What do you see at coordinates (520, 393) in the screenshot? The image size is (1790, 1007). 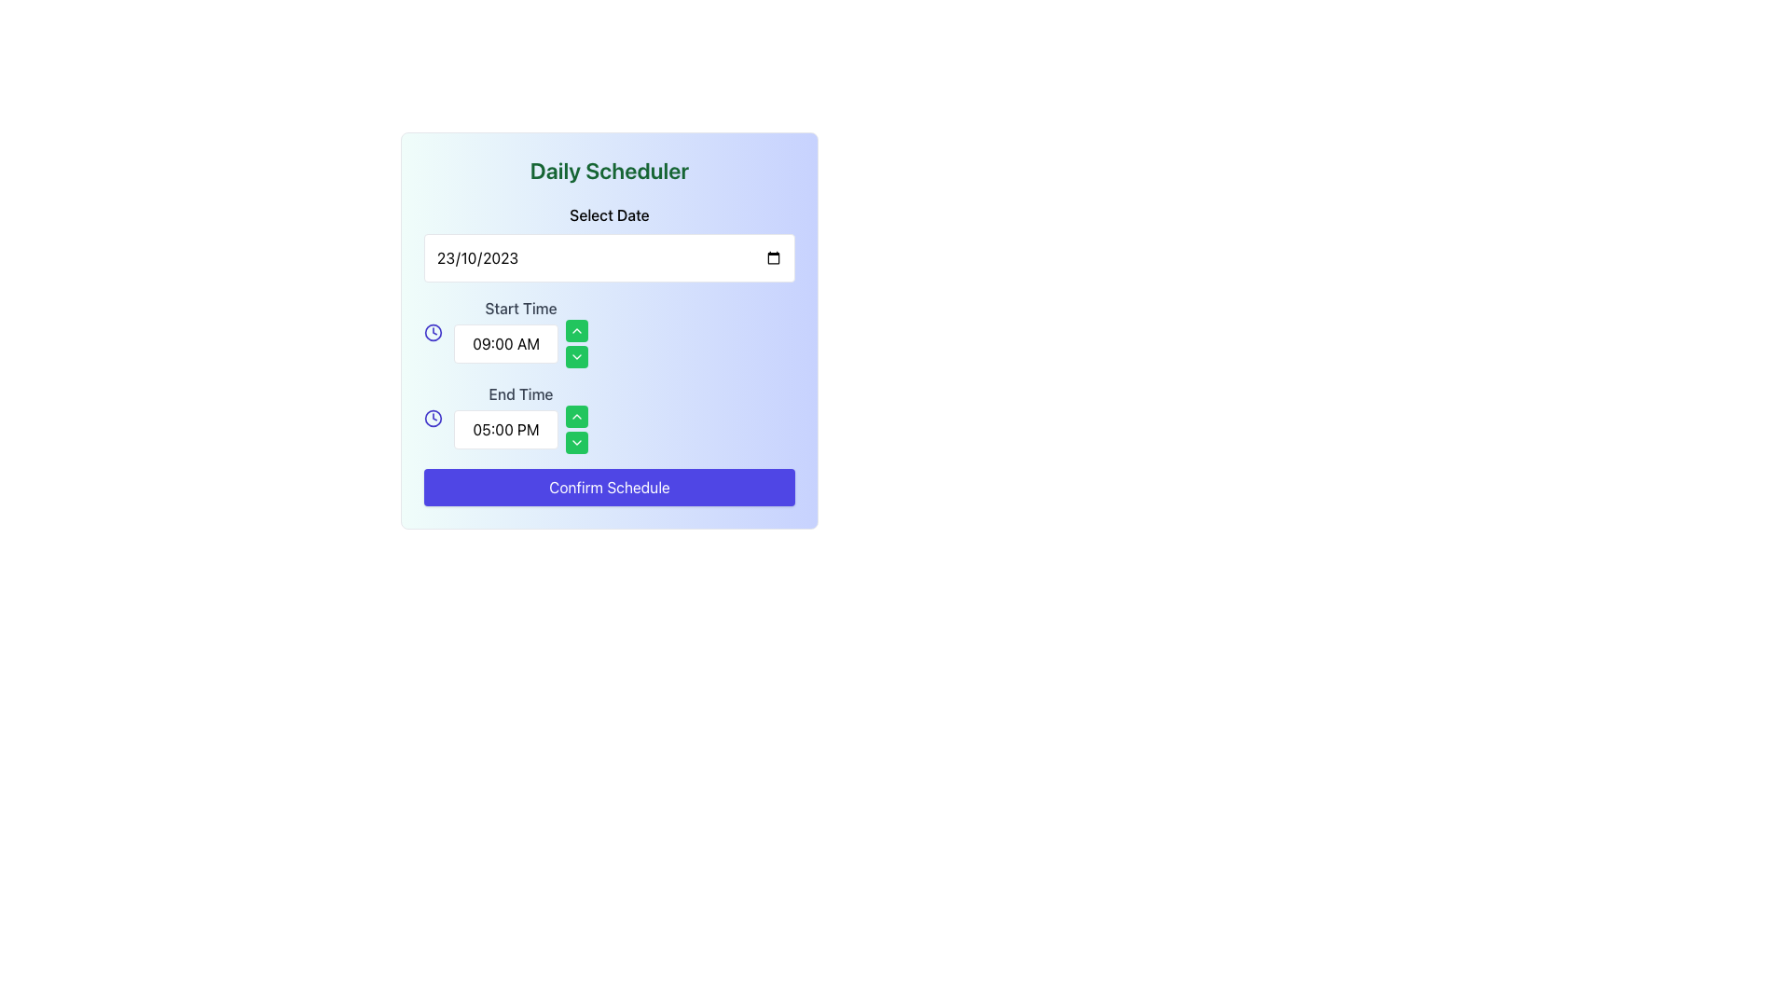 I see `the label indicating the end time of a scheduled event, located above the time selection field labeled '05:00 PM'` at bounding box center [520, 393].